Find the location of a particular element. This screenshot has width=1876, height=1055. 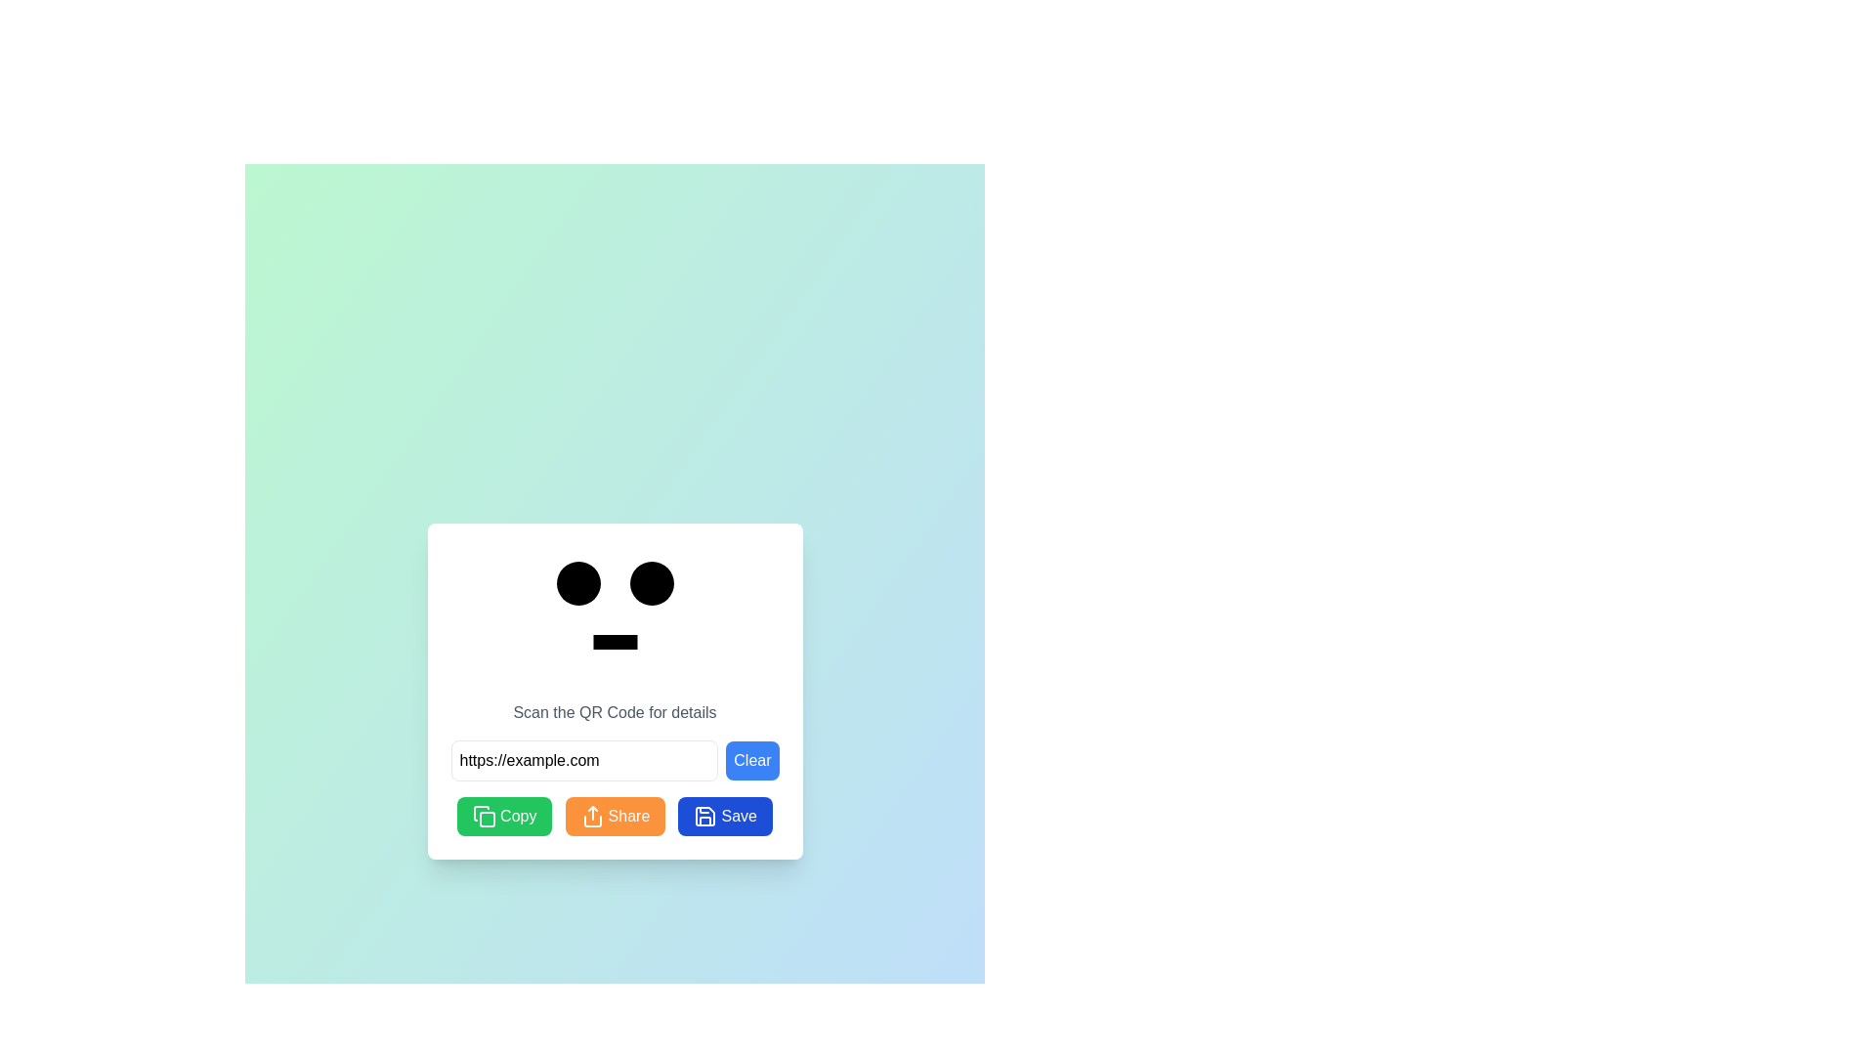

the button located to the bottom right of the input field labeled 'Enter URL here' to clear the input field is located at coordinates (614, 760).